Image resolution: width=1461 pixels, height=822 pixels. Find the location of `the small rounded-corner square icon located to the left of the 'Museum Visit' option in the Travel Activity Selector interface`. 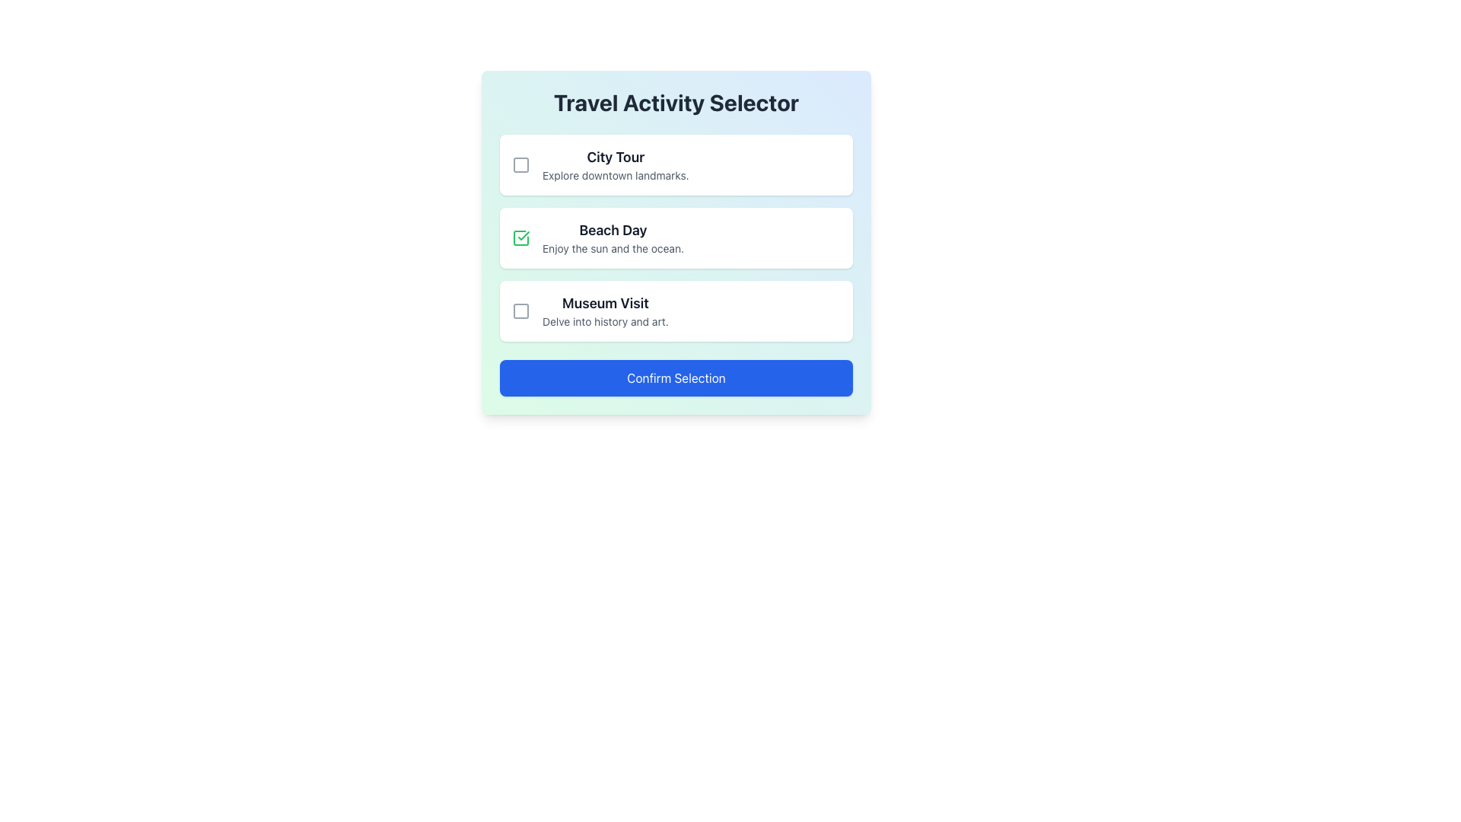

the small rounded-corner square icon located to the left of the 'Museum Visit' option in the Travel Activity Selector interface is located at coordinates (521, 310).